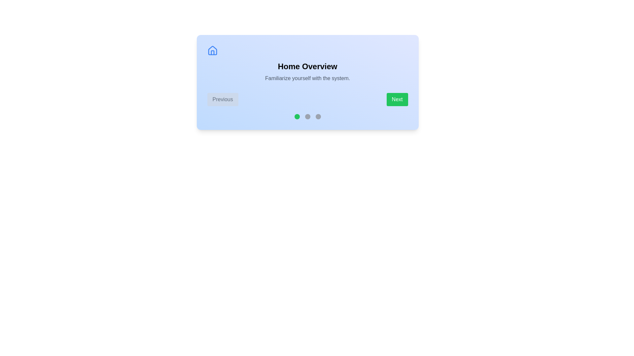  What do you see at coordinates (397, 99) in the screenshot?
I see `'Next' button to navigate to the next step` at bounding box center [397, 99].